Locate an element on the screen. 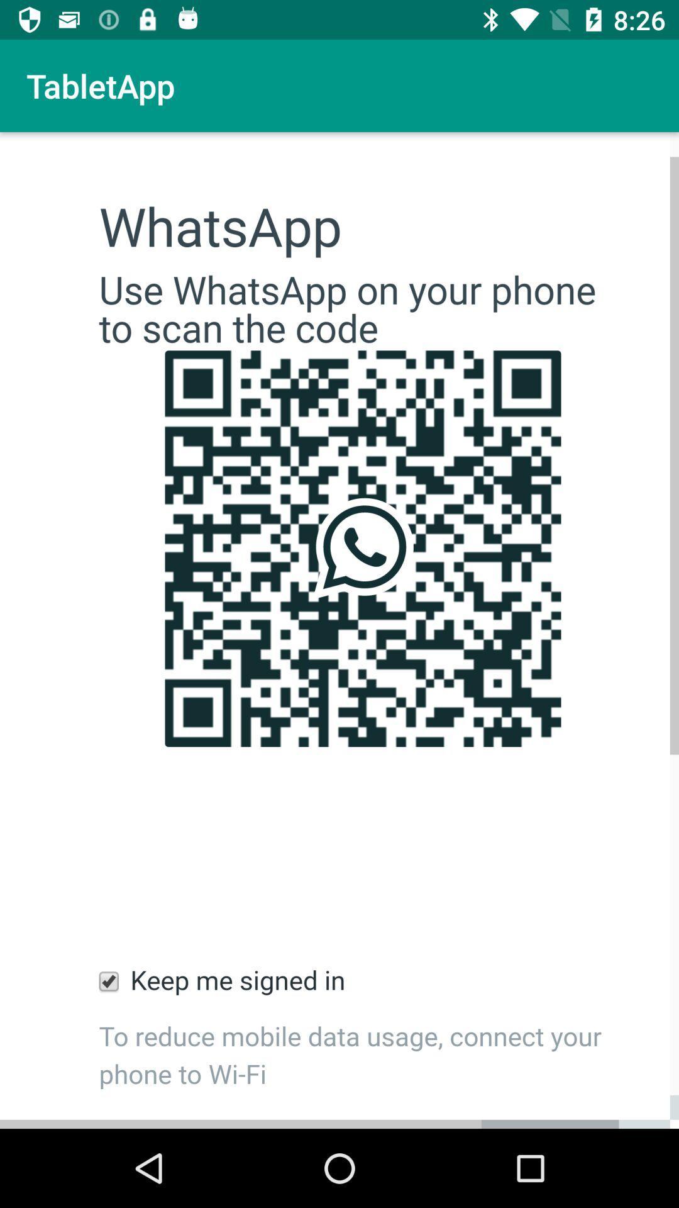  total web page is located at coordinates (339, 630).